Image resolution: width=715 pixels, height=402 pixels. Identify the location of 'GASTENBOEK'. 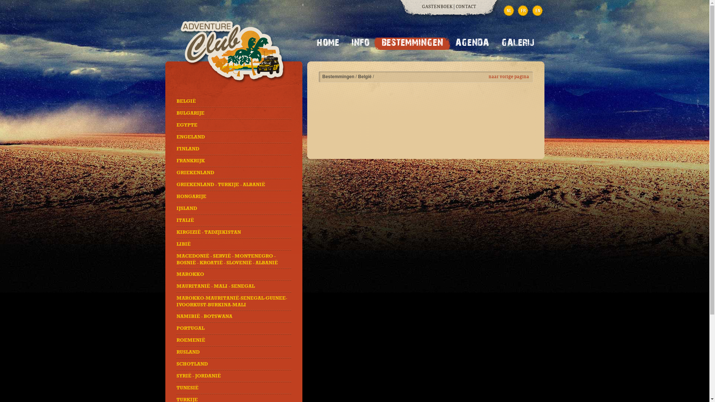
(437, 7).